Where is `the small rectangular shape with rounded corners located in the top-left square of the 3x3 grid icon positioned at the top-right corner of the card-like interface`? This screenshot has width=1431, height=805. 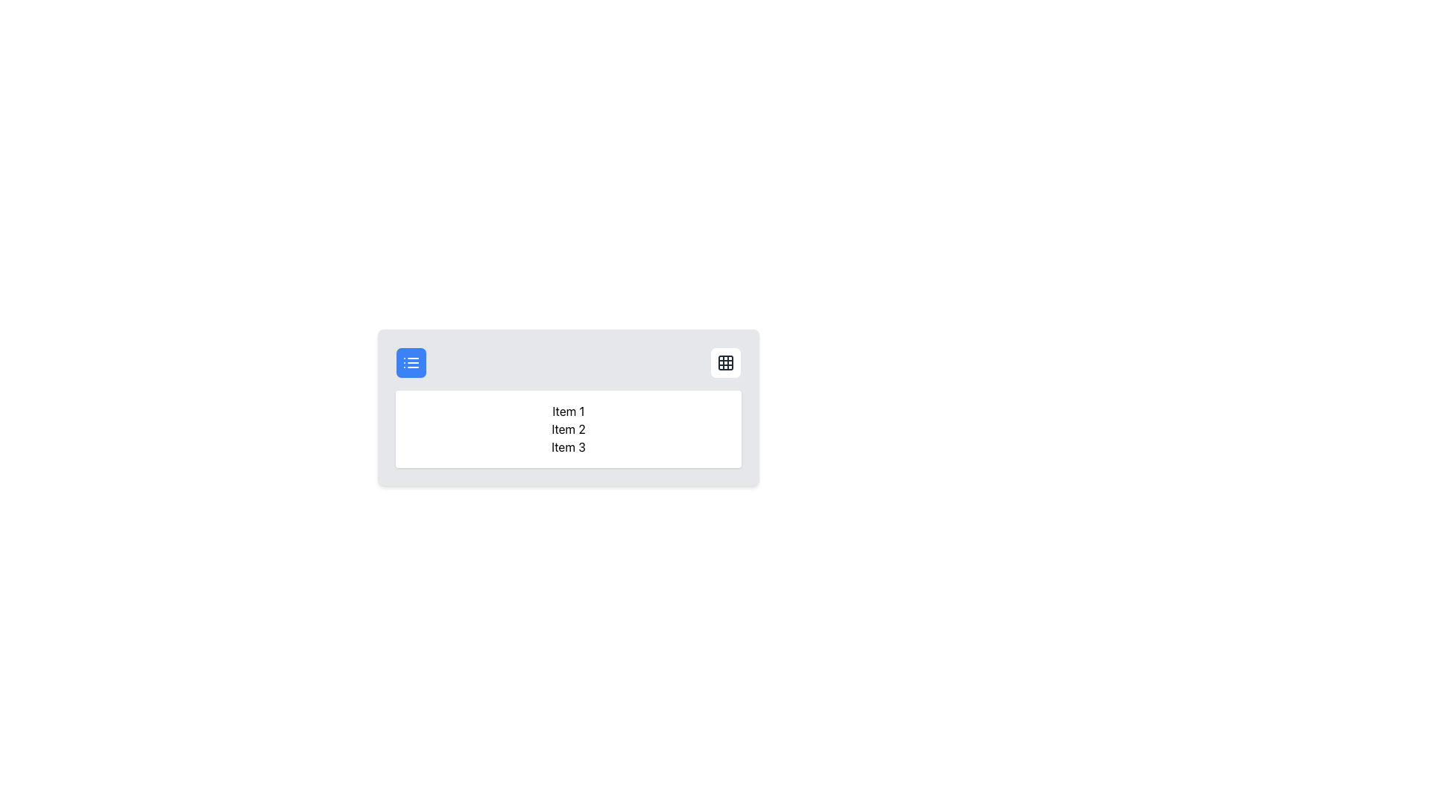
the small rectangular shape with rounded corners located in the top-left square of the 3x3 grid icon positioned at the top-right corner of the card-like interface is located at coordinates (726, 362).